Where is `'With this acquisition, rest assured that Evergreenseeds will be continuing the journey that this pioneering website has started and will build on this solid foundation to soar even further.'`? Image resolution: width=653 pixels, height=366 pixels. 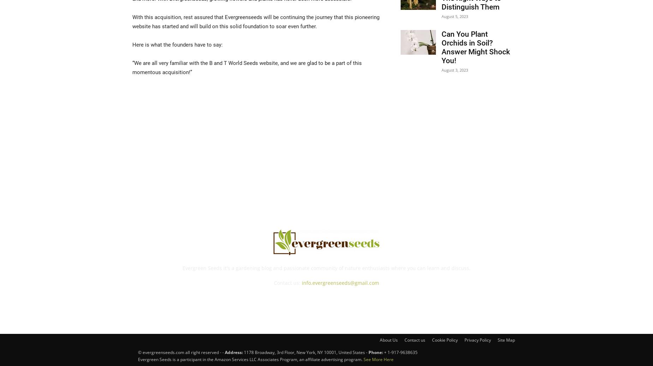 'With this acquisition, rest assured that Evergreenseeds will be continuing the journey that this pioneering website has started and will build on this solid foundation to soar even further.' is located at coordinates (256, 21).